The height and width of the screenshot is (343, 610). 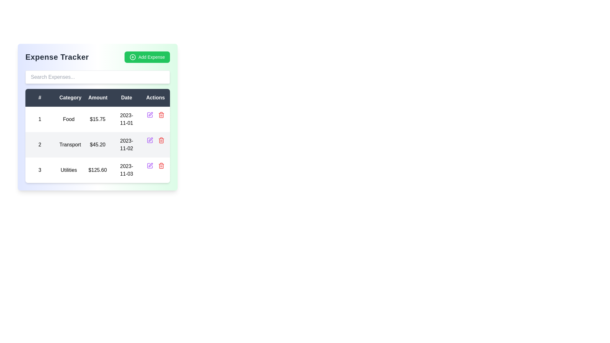 I want to click on the non-interactive text display showing the date associated with a specific expense in the bottom-most row of the table, which is positioned below the 'Amount' element and to the left of the 'Actions' area, so click(x=126, y=170).